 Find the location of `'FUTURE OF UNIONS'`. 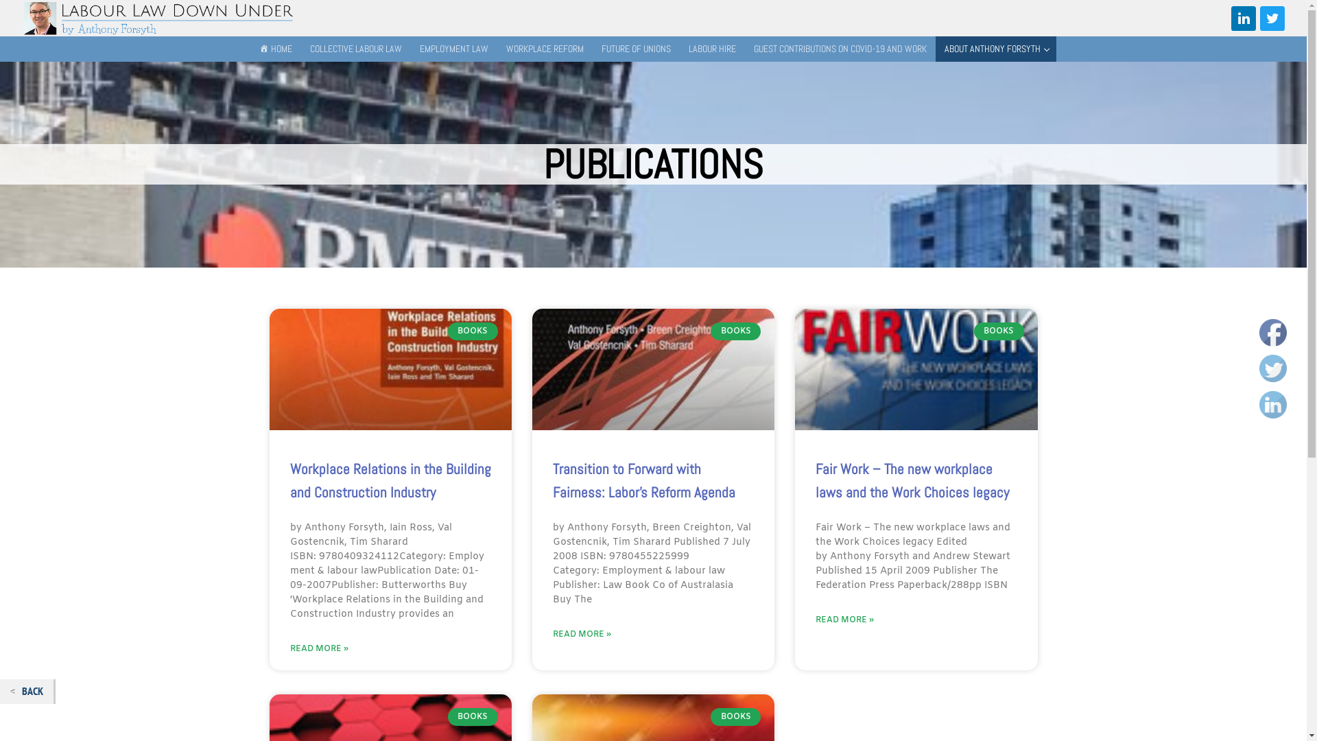

'FUTURE OF UNIONS' is located at coordinates (593, 49).